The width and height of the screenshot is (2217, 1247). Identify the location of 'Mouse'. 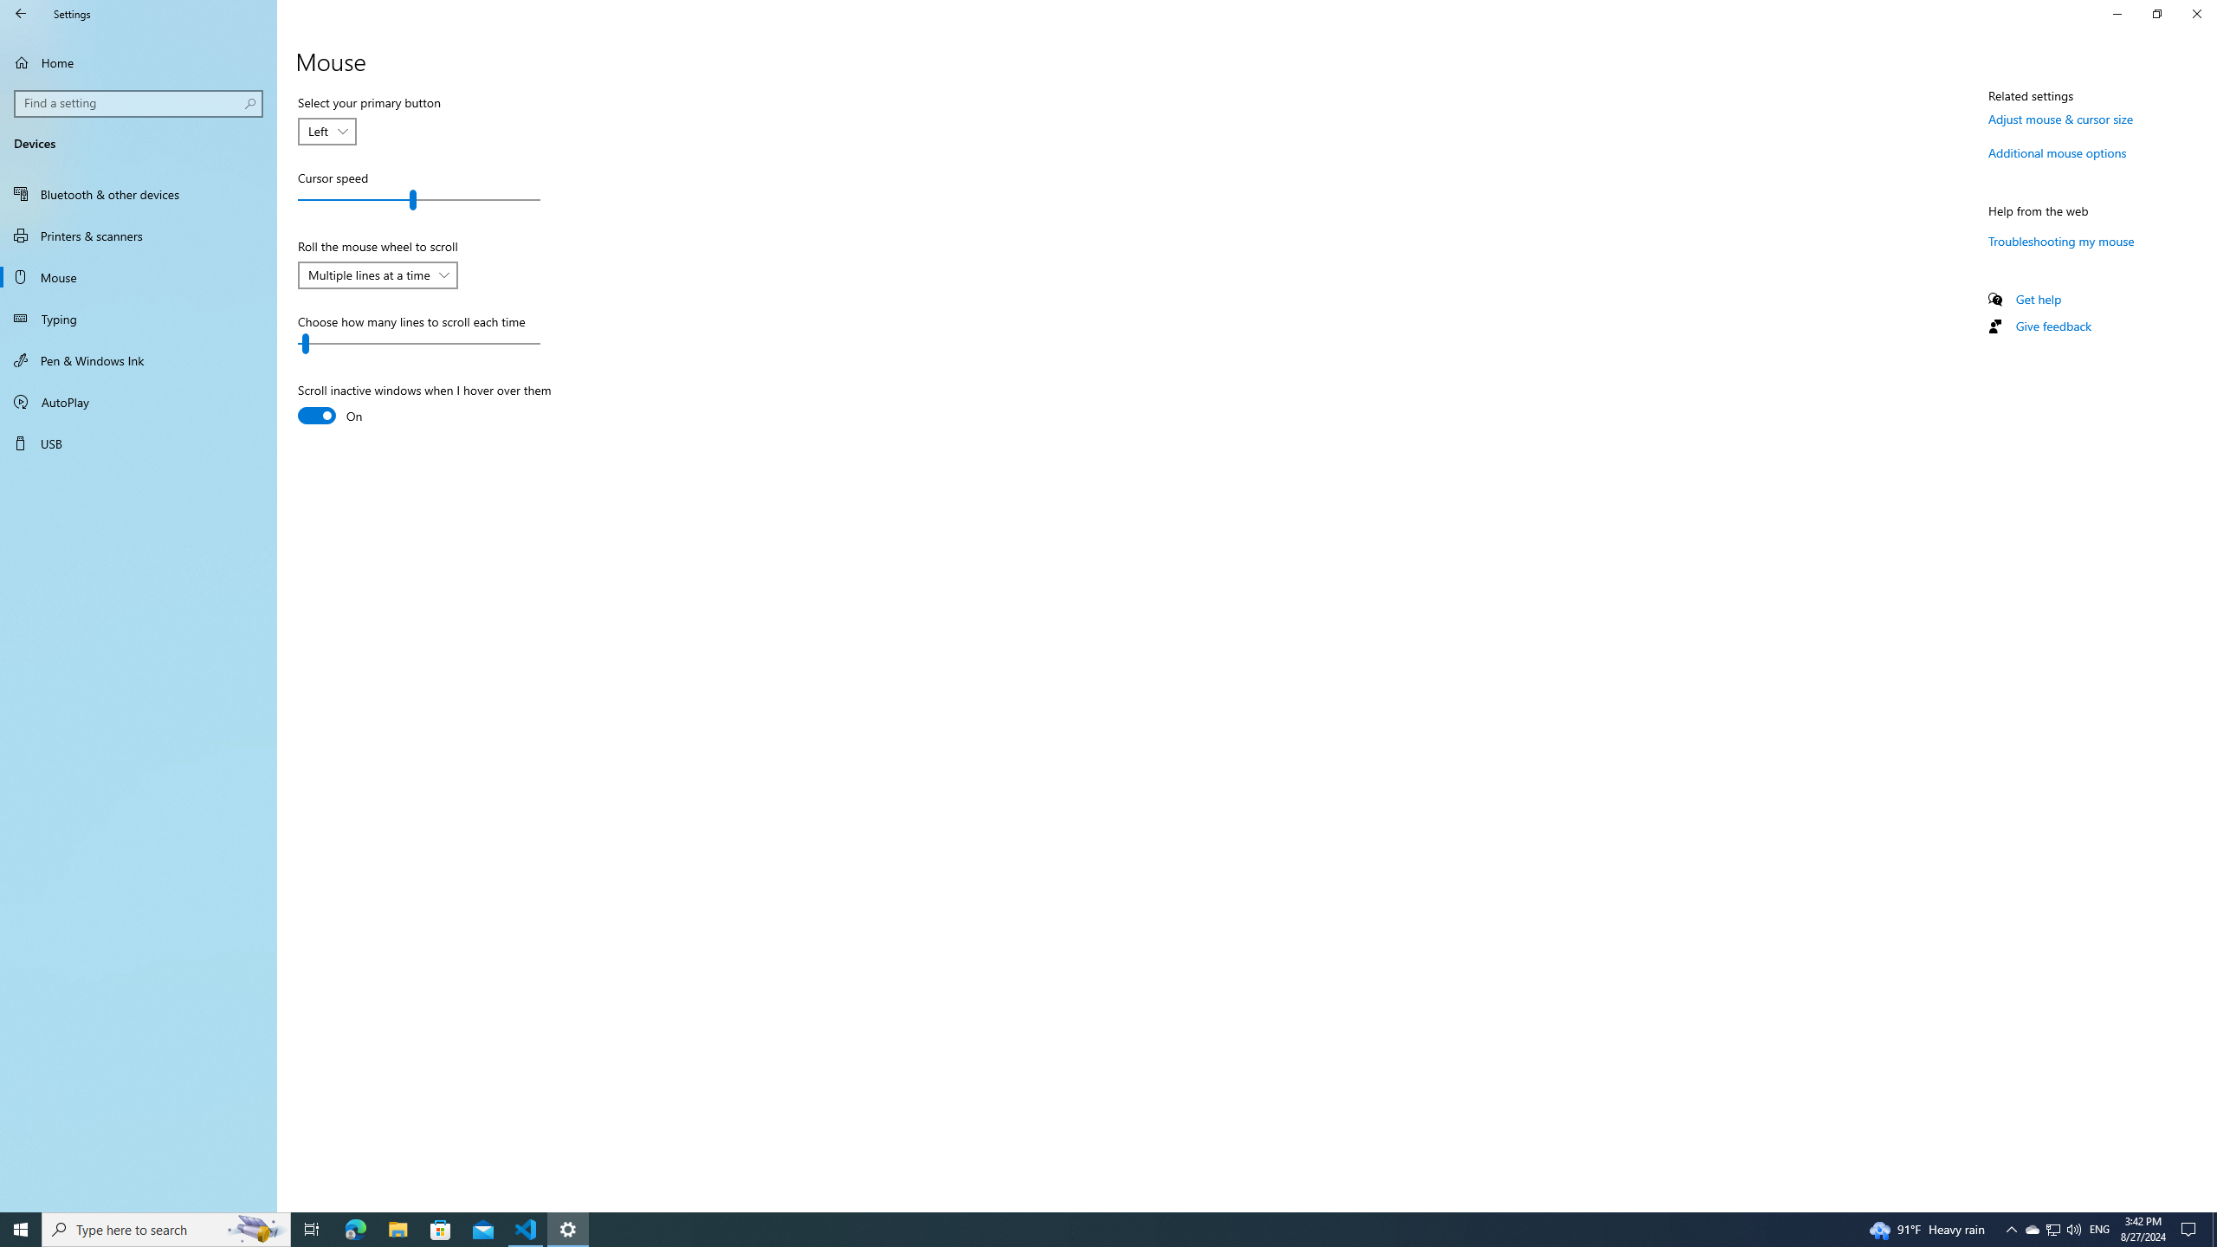
(138, 276).